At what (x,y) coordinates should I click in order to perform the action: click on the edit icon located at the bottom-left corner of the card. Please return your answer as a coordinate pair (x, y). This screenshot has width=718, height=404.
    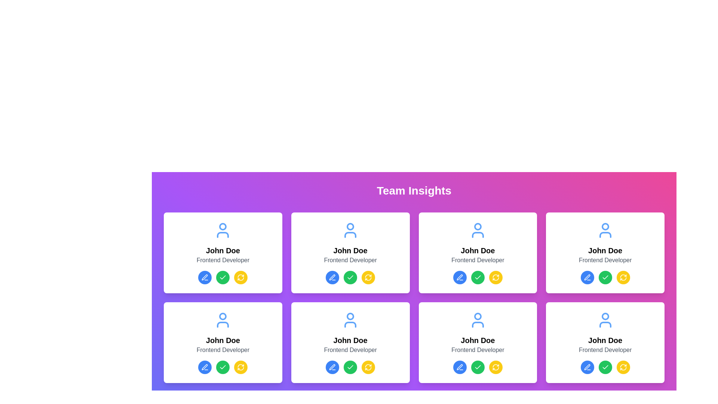
    Looking at the image, I should click on (205, 277).